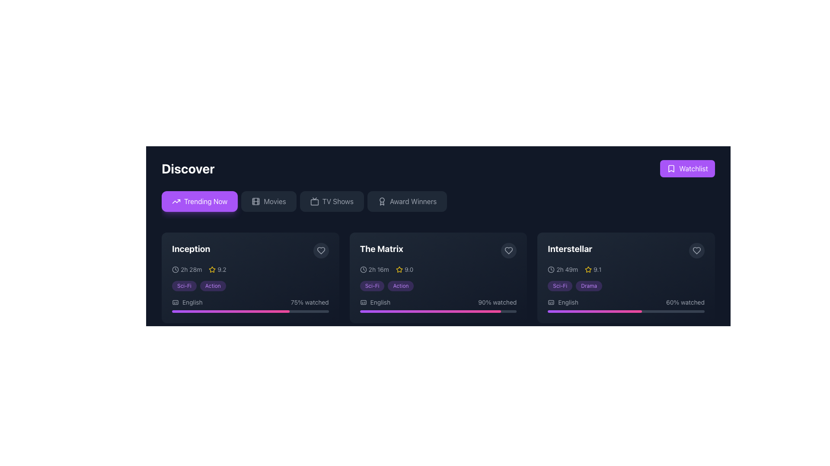  I want to click on the yellow outlined star icon that precedes the numeric rating '9.2' for the movie 'Inception' in the UI section highlighting ratings, so click(212, 269).